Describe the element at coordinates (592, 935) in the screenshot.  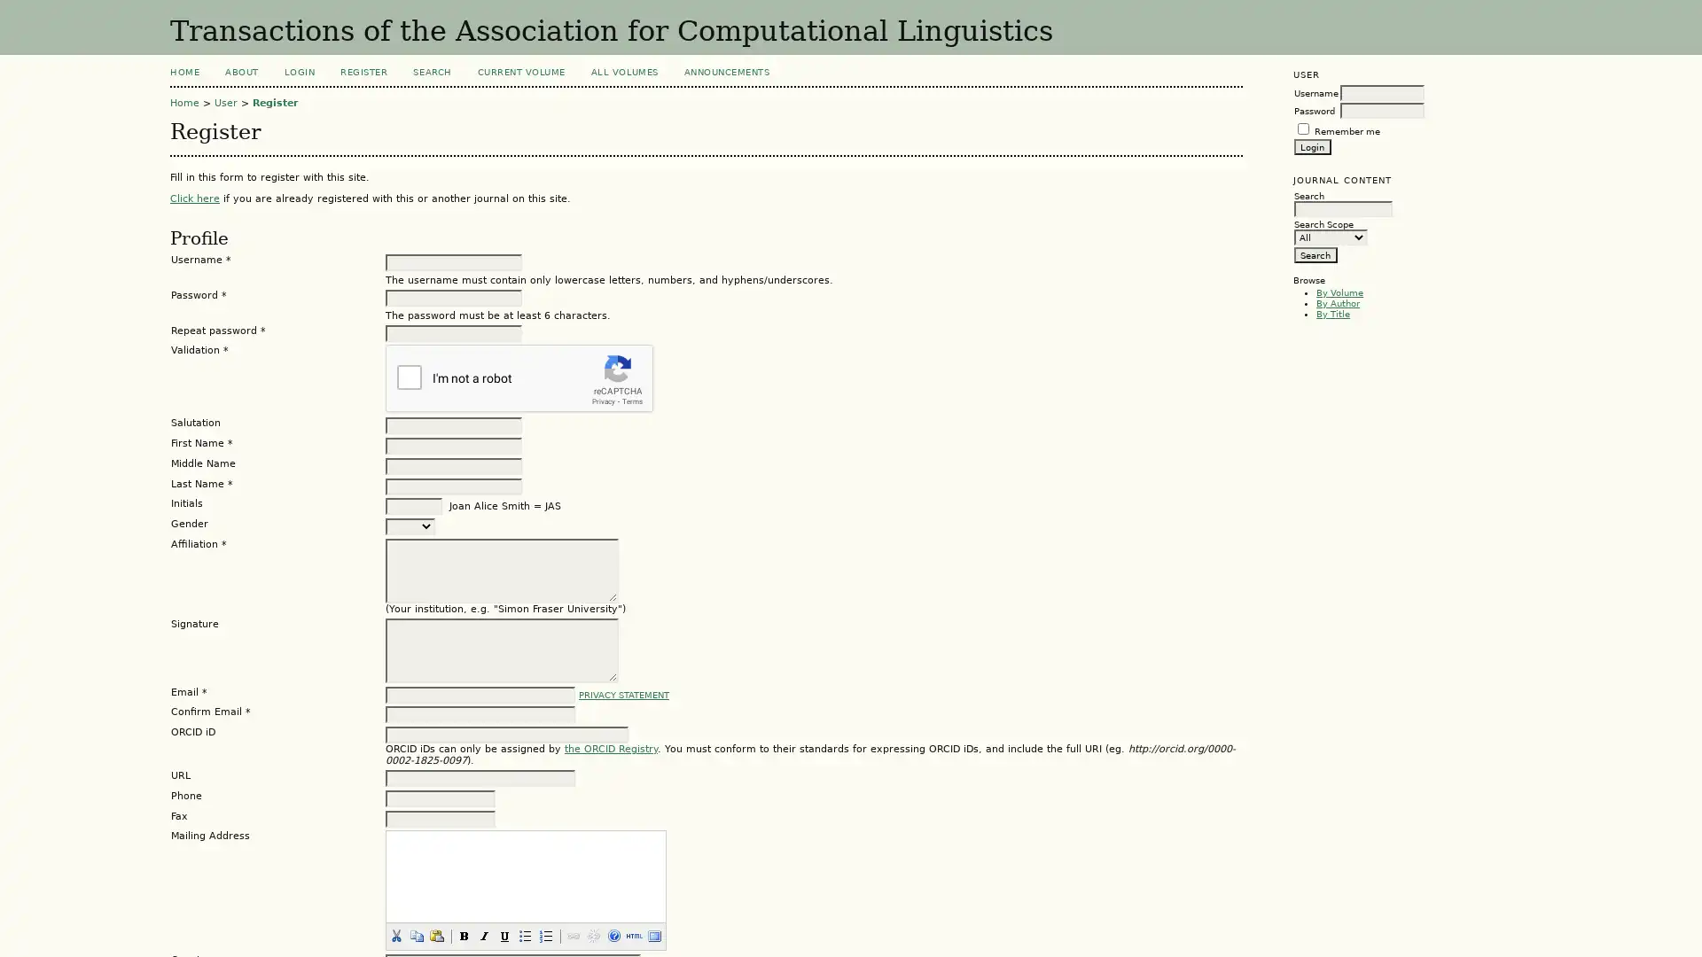
I see `Unlink` at that location.